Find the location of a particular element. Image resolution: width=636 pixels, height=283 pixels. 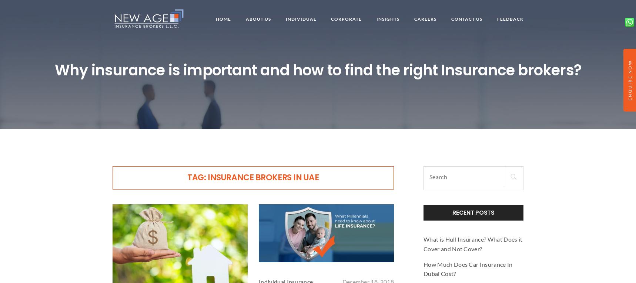

'Enquire Now' is located at coordinates (627, 80).